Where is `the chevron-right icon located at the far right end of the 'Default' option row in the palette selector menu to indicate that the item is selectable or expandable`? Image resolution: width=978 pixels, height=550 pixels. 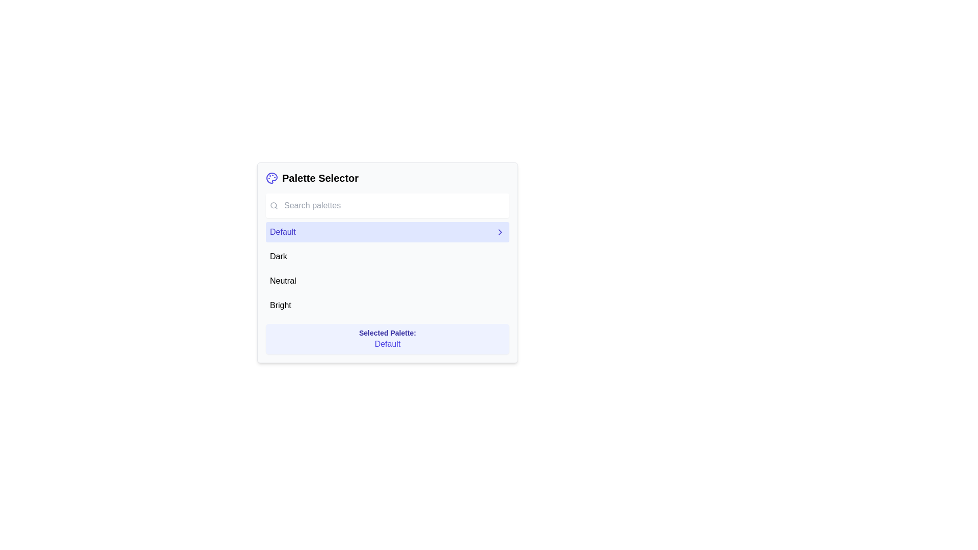
the chevron-right icon located at the far right end of the 'Default' option row in the palette selector menu to indicate that the item is selectable or expandable is located at coordinates (500, 232).